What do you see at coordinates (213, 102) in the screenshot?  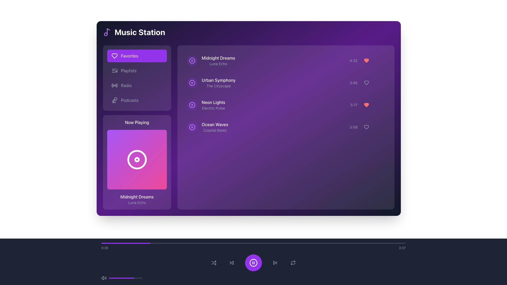 I see `text content of the 'Neon Lights' title, which is styled in white and bold typography on a purple background as the third track listed in the music tracks panel` at bounding box center [213, 102].